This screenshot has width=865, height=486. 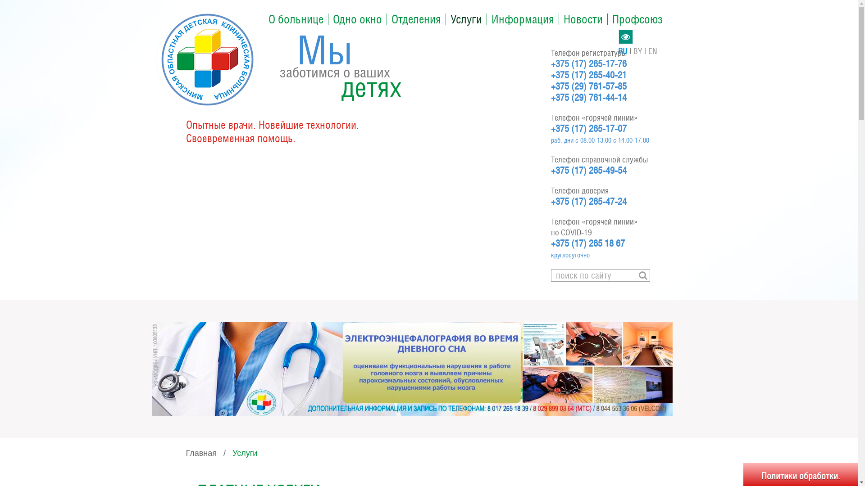 I want to click on 'BY', so click(x=640, y=51).